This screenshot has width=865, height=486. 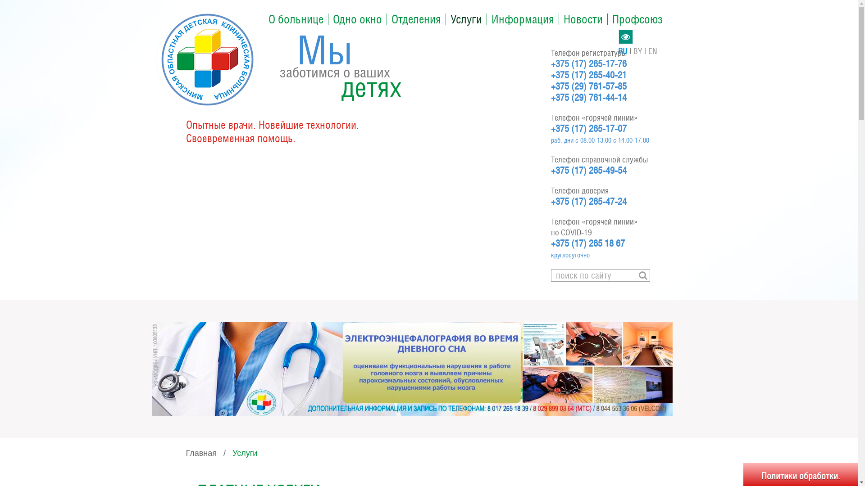 I want to click on 'BY', so click(x=640, y=51).